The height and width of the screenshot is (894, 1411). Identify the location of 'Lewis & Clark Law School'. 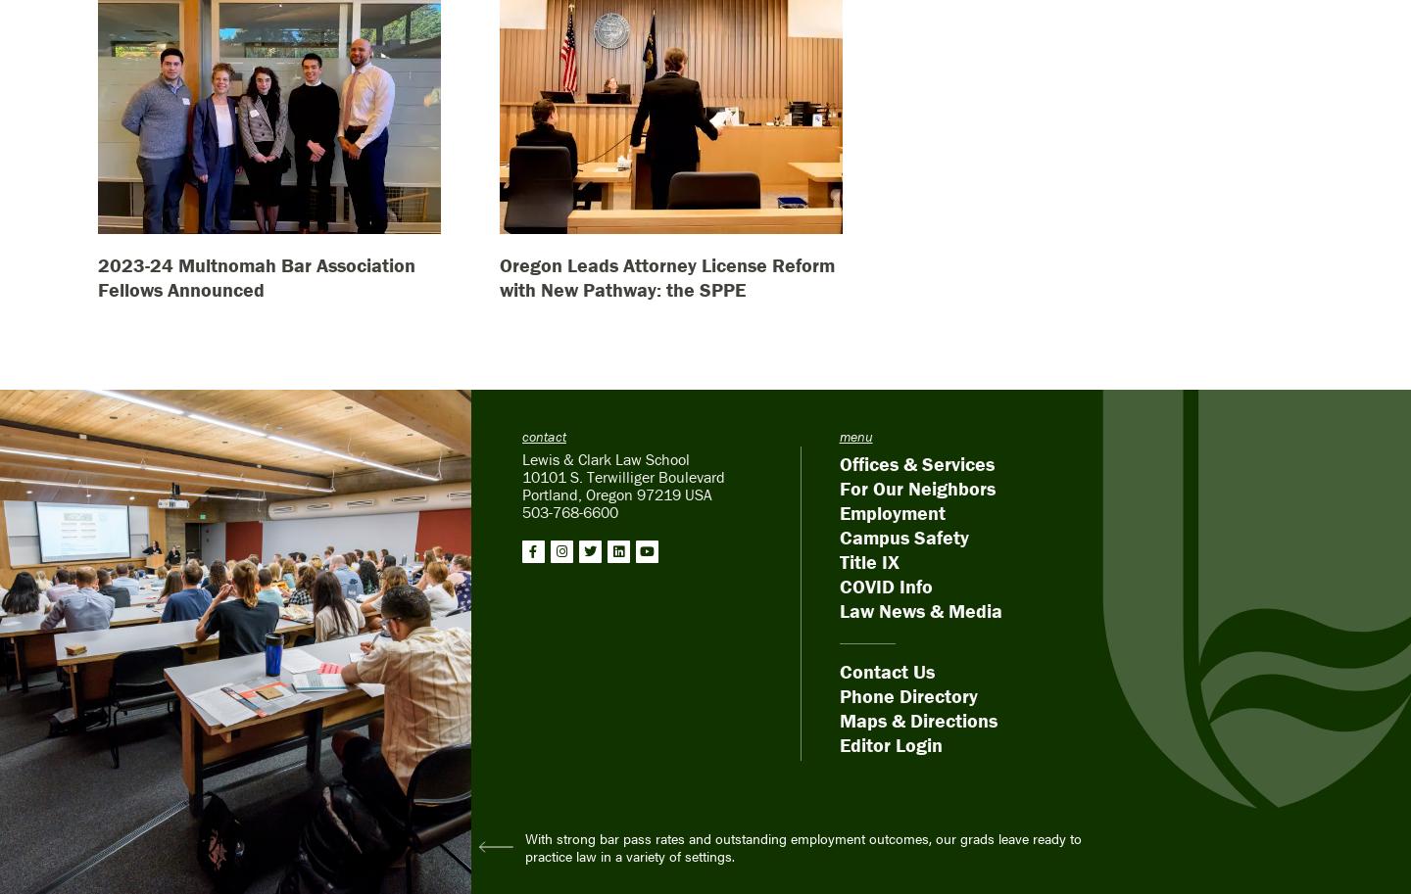
(604, 457).